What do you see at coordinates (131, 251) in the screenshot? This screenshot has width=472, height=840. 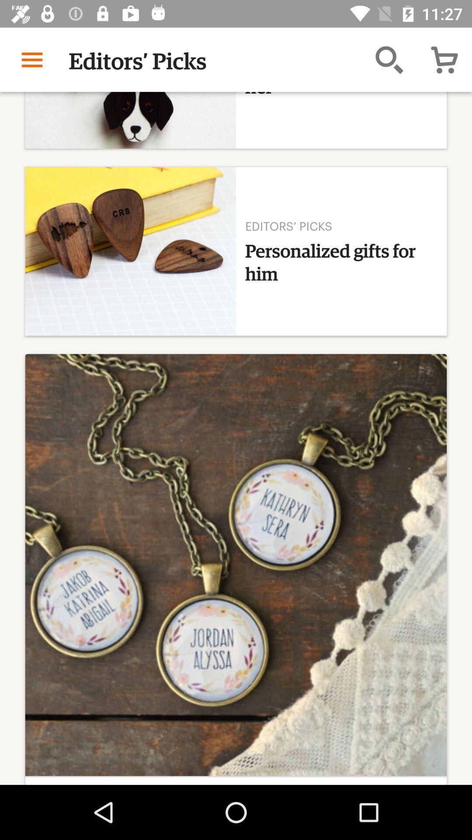 I see `the image beside the editors picks` at bounding box center [131, 251].